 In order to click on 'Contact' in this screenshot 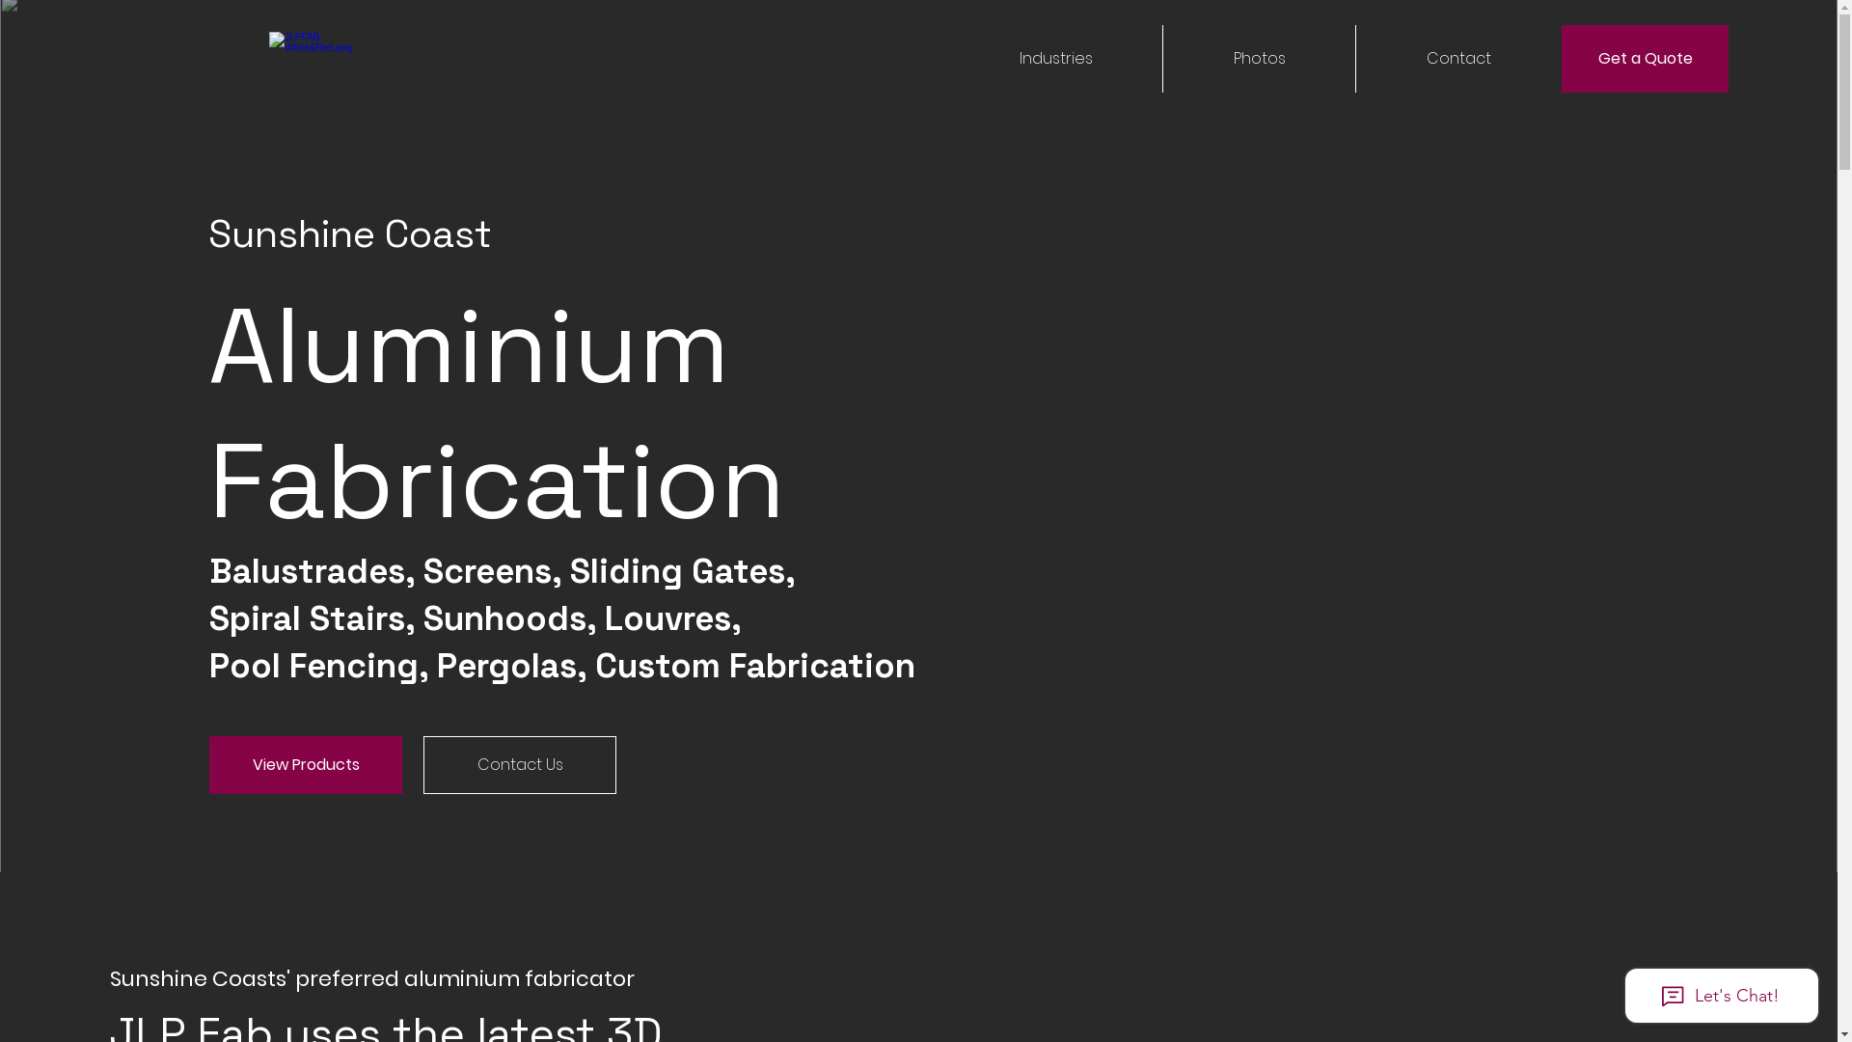, I will do `click(1354, 58)`.